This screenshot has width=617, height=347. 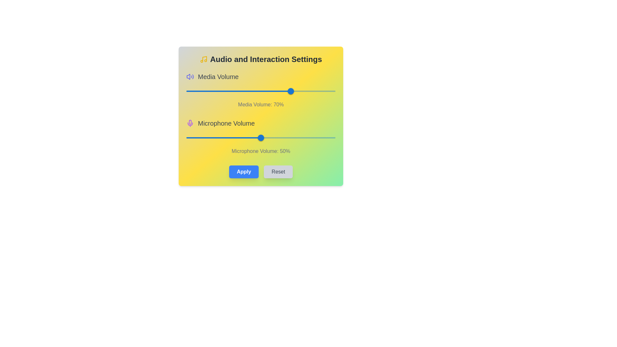 I want to click on the media volume, so click(x=326, y=91).